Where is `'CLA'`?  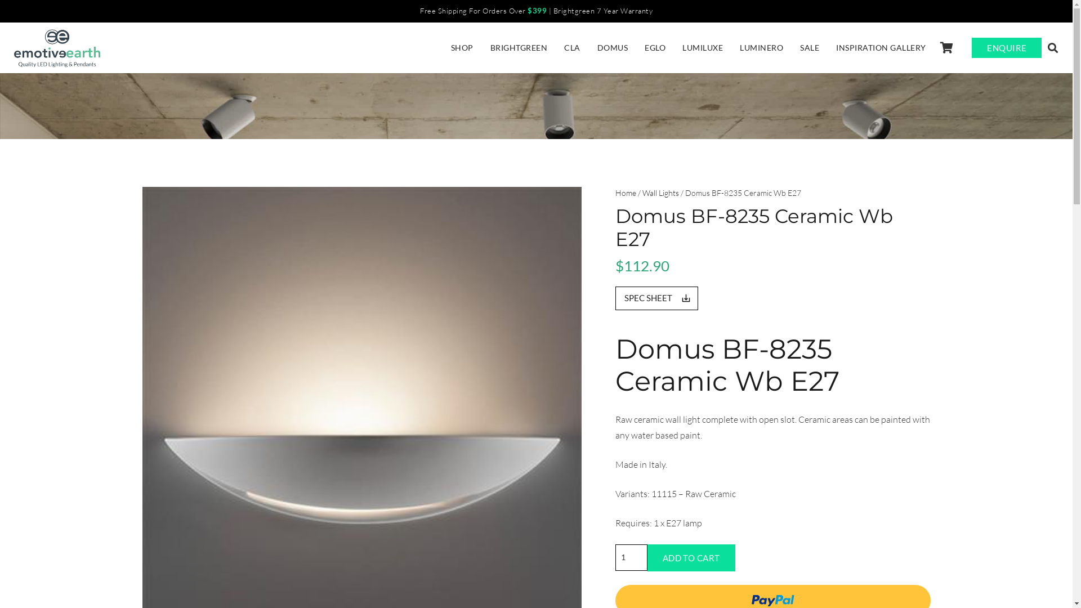
'CLA' is located at coordinates (572, 47).